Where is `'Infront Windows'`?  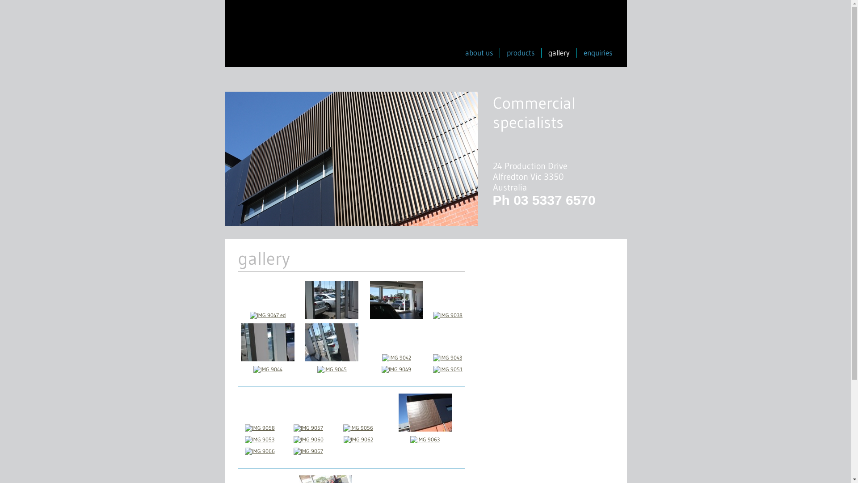 'Infront Windows' is located at coordinates (234, 36).